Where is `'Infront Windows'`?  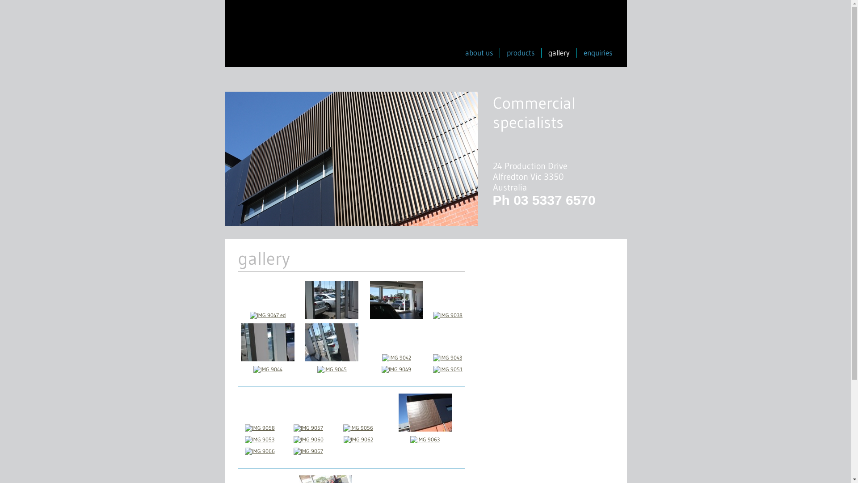 'Infront Windows' is located at coordinates (234, 36).